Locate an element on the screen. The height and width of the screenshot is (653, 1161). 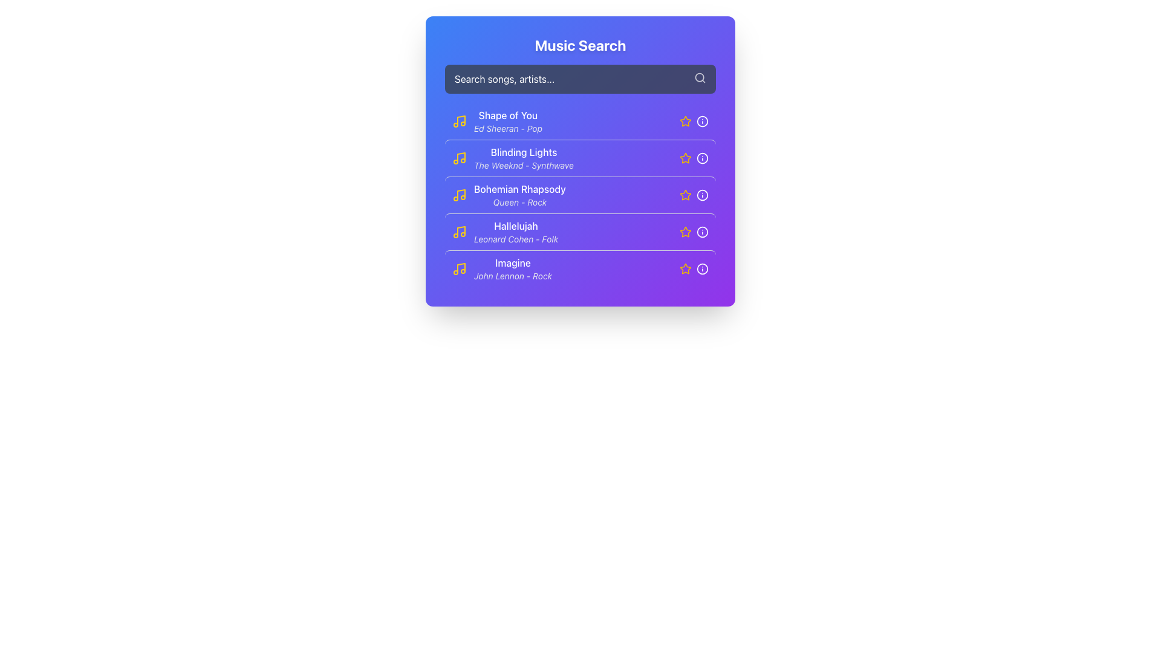
the text label 'Imagine' displayed in white on a purple background, which is positioned in a list of songs above the text 'John Lennon - Rock' is located at coordinates (513, 262).